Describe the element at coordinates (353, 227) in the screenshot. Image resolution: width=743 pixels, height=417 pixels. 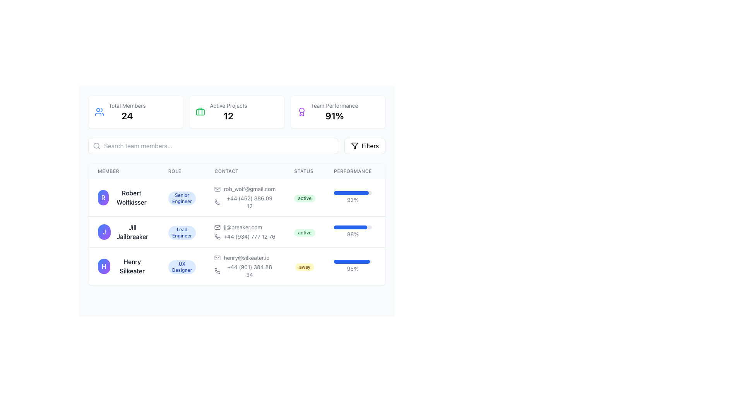
I see `the Progress bar located in the 'PERFORMANCE' column of the second row under 'Jill Jailbreaker', which indicates the user's performance completion visually` at that location.